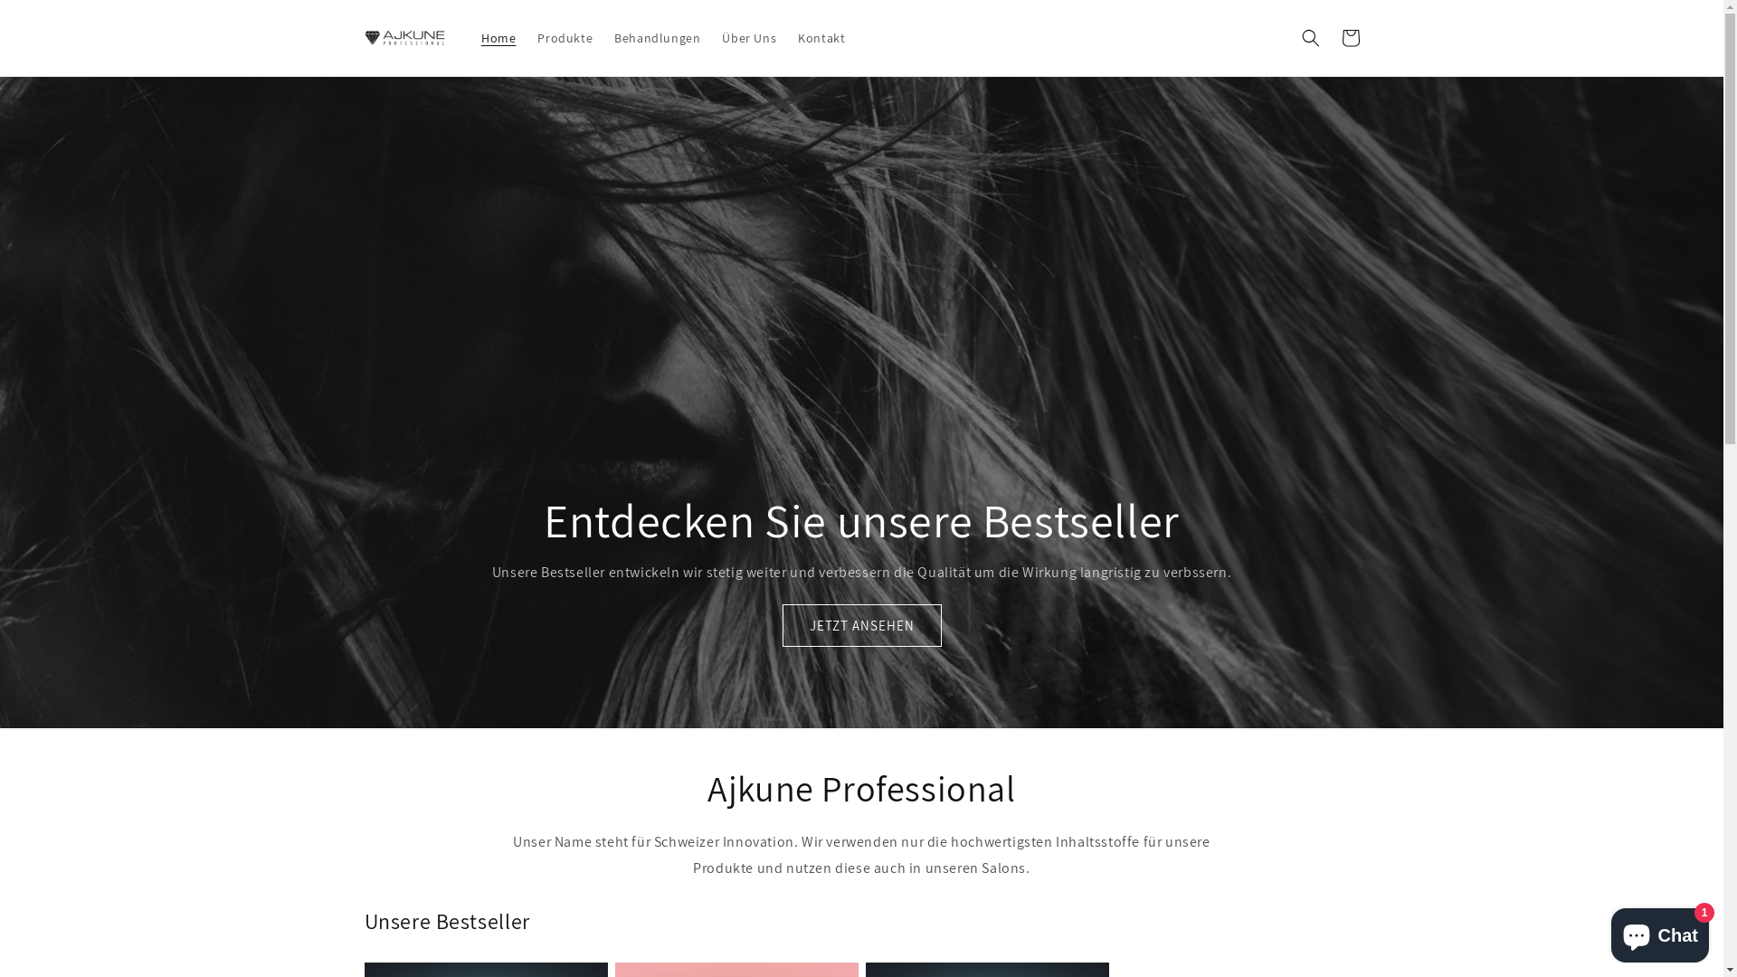 Image resolution: width=1737 pixels, height=977 pixels. I want to click on 'Home', so click(498, 38).